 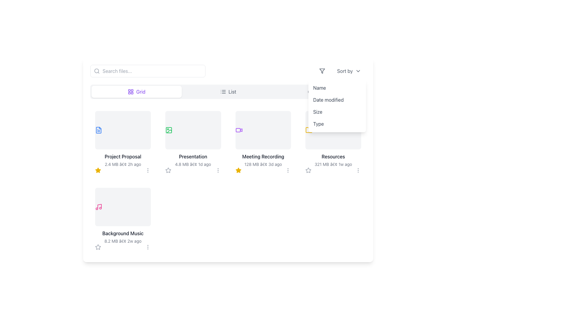 What do you see at coordinates (228, 91) in the screenshot?
I see `the middle button labeled 'List' that displays an icon of three horizontal lines with dots` at bounding box center [228, 91].